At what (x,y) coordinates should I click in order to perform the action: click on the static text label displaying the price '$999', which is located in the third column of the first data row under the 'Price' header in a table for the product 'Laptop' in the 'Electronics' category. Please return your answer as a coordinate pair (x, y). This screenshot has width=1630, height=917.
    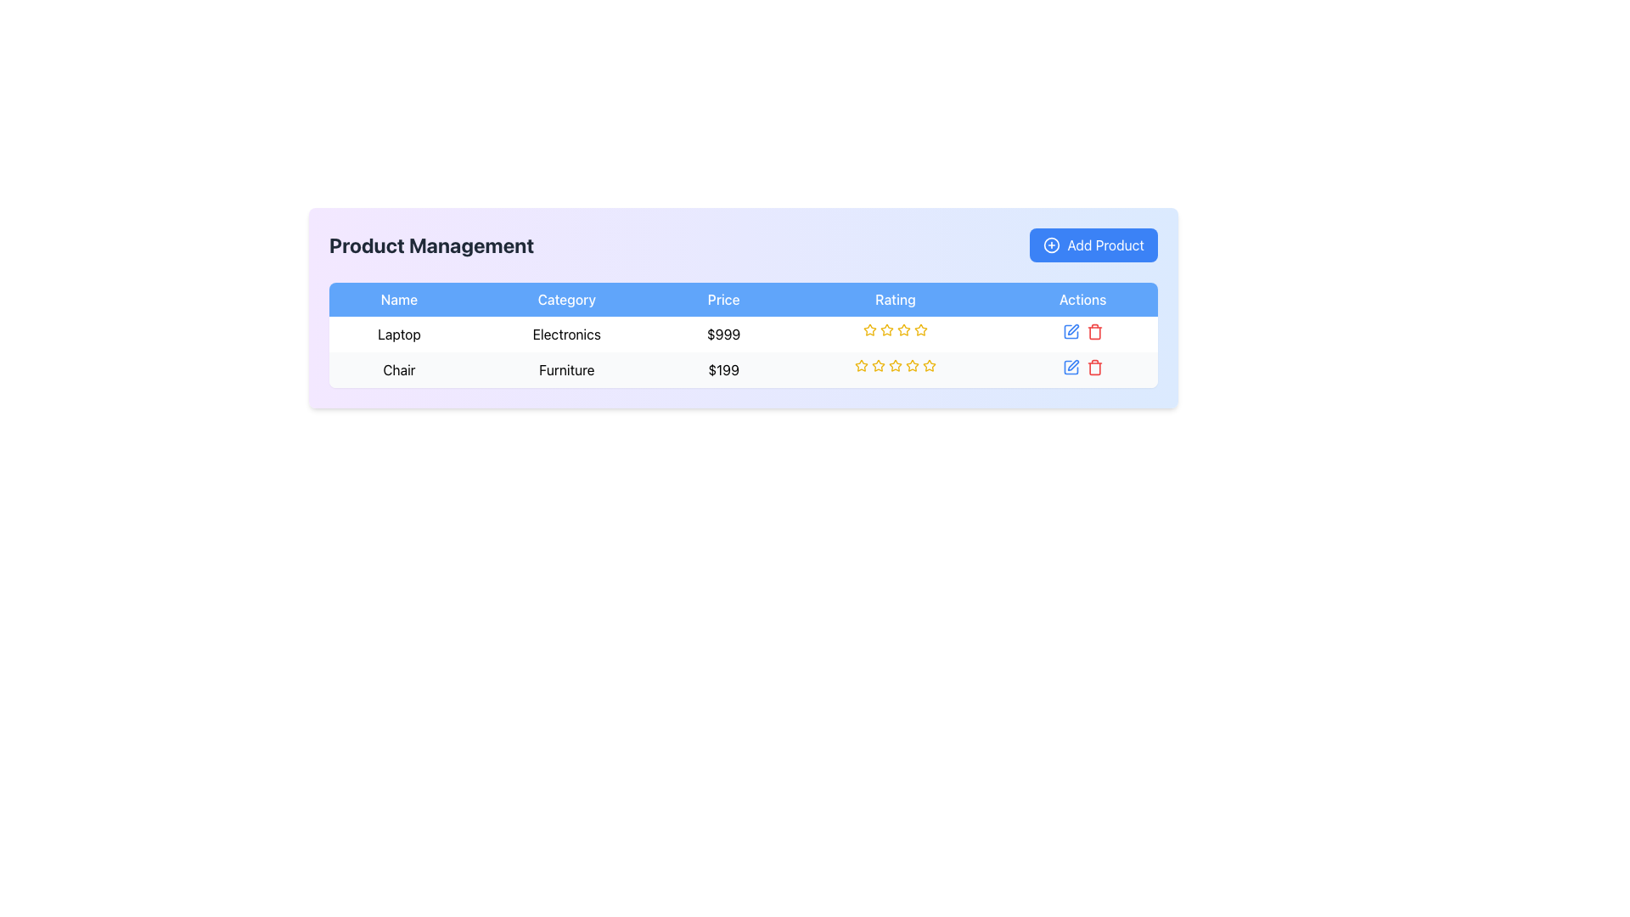
    Looking at the image, I should click on (723, 334).